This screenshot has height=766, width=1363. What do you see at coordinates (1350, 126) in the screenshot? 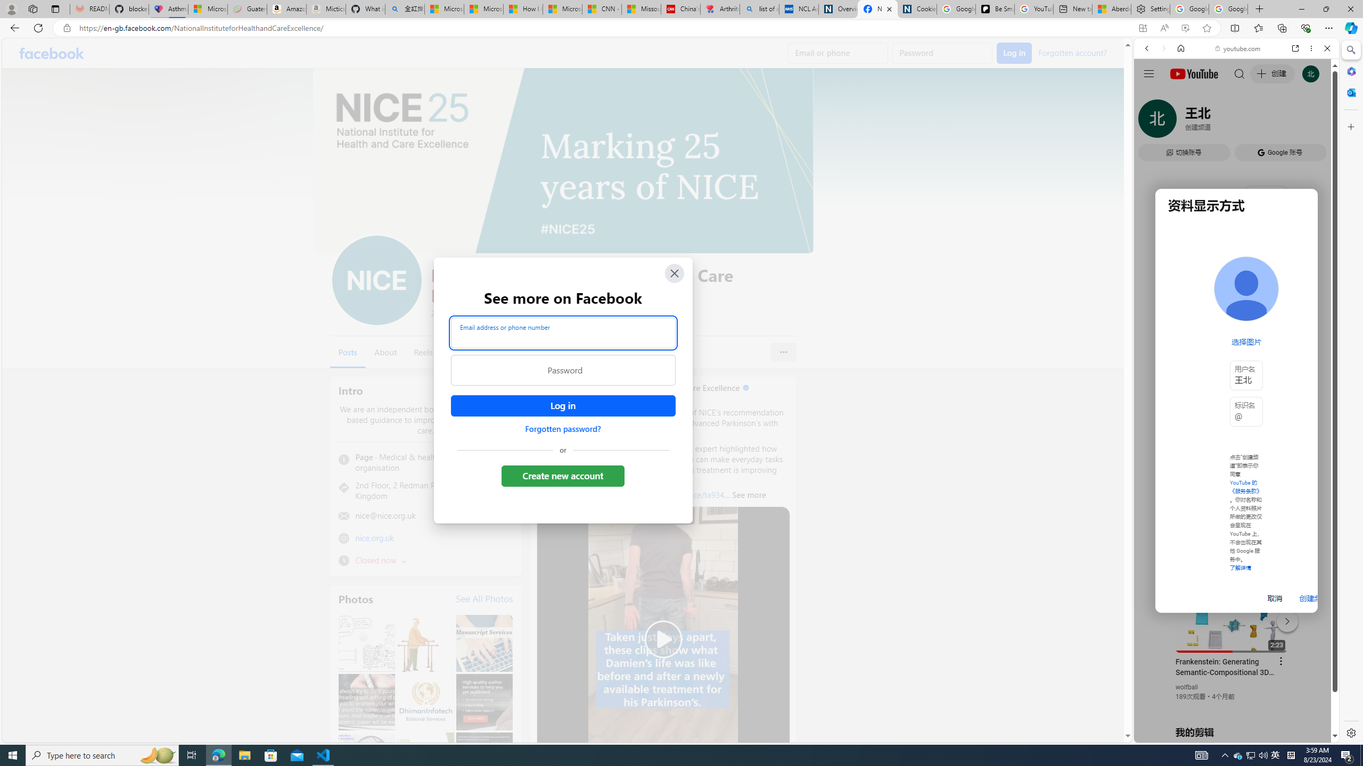
I see `'Close Customize pane'` at bounding box center [1350, 126].